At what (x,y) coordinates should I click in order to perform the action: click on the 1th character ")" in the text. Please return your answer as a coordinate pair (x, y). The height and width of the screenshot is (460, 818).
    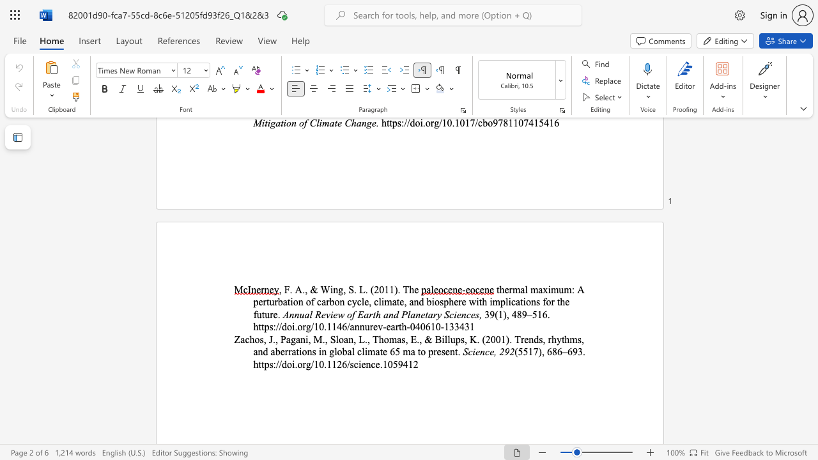
    Looking at the image, I should click on (507, 339).